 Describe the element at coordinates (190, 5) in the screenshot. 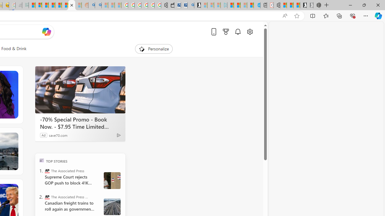

I see `'Bing Real Estate - Home sales and rental listings'` at that location.